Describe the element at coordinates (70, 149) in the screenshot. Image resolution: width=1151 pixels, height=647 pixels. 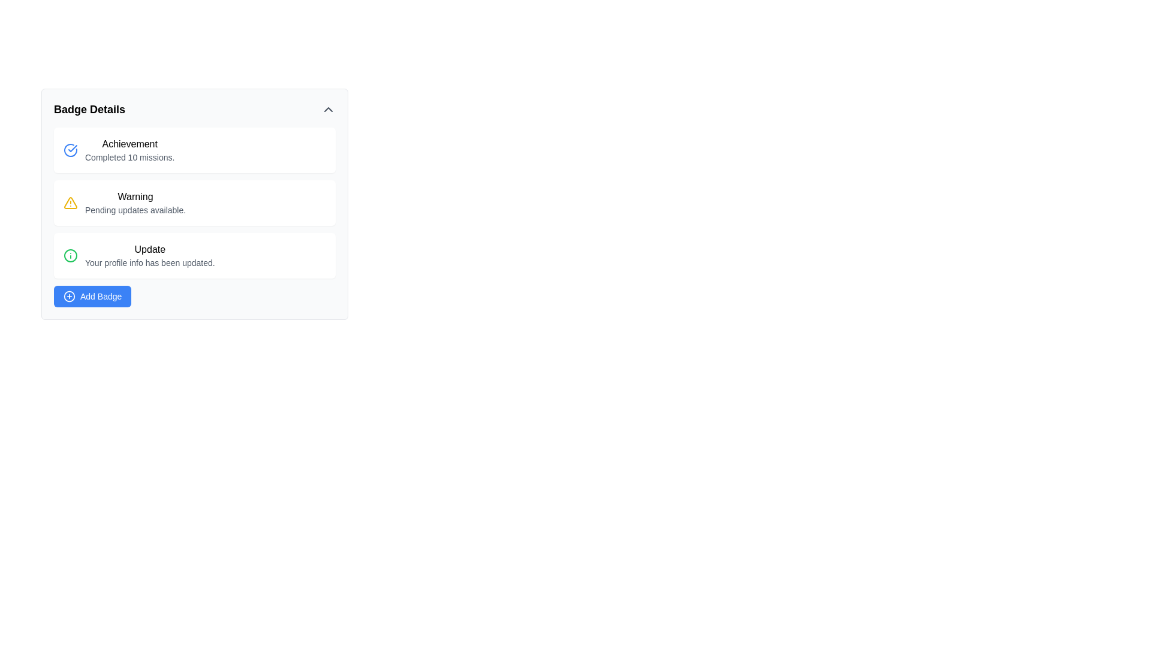
I see `the achievement completed vector graphic icon located on the left side of the 'Achievement' label in the 'Badge Details' section` at that location.